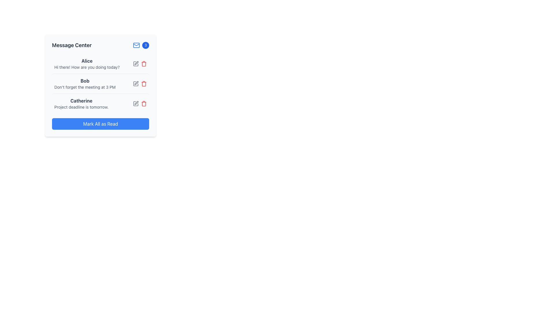 The height and width of the screenshot is (312, 555). Describe the element at coordinates (71, 45) in the screenshot. I see `the 'Message Center' text heading, which is styled in bold and larger size, located on the left side of the header bar of a card-like component` at that location.